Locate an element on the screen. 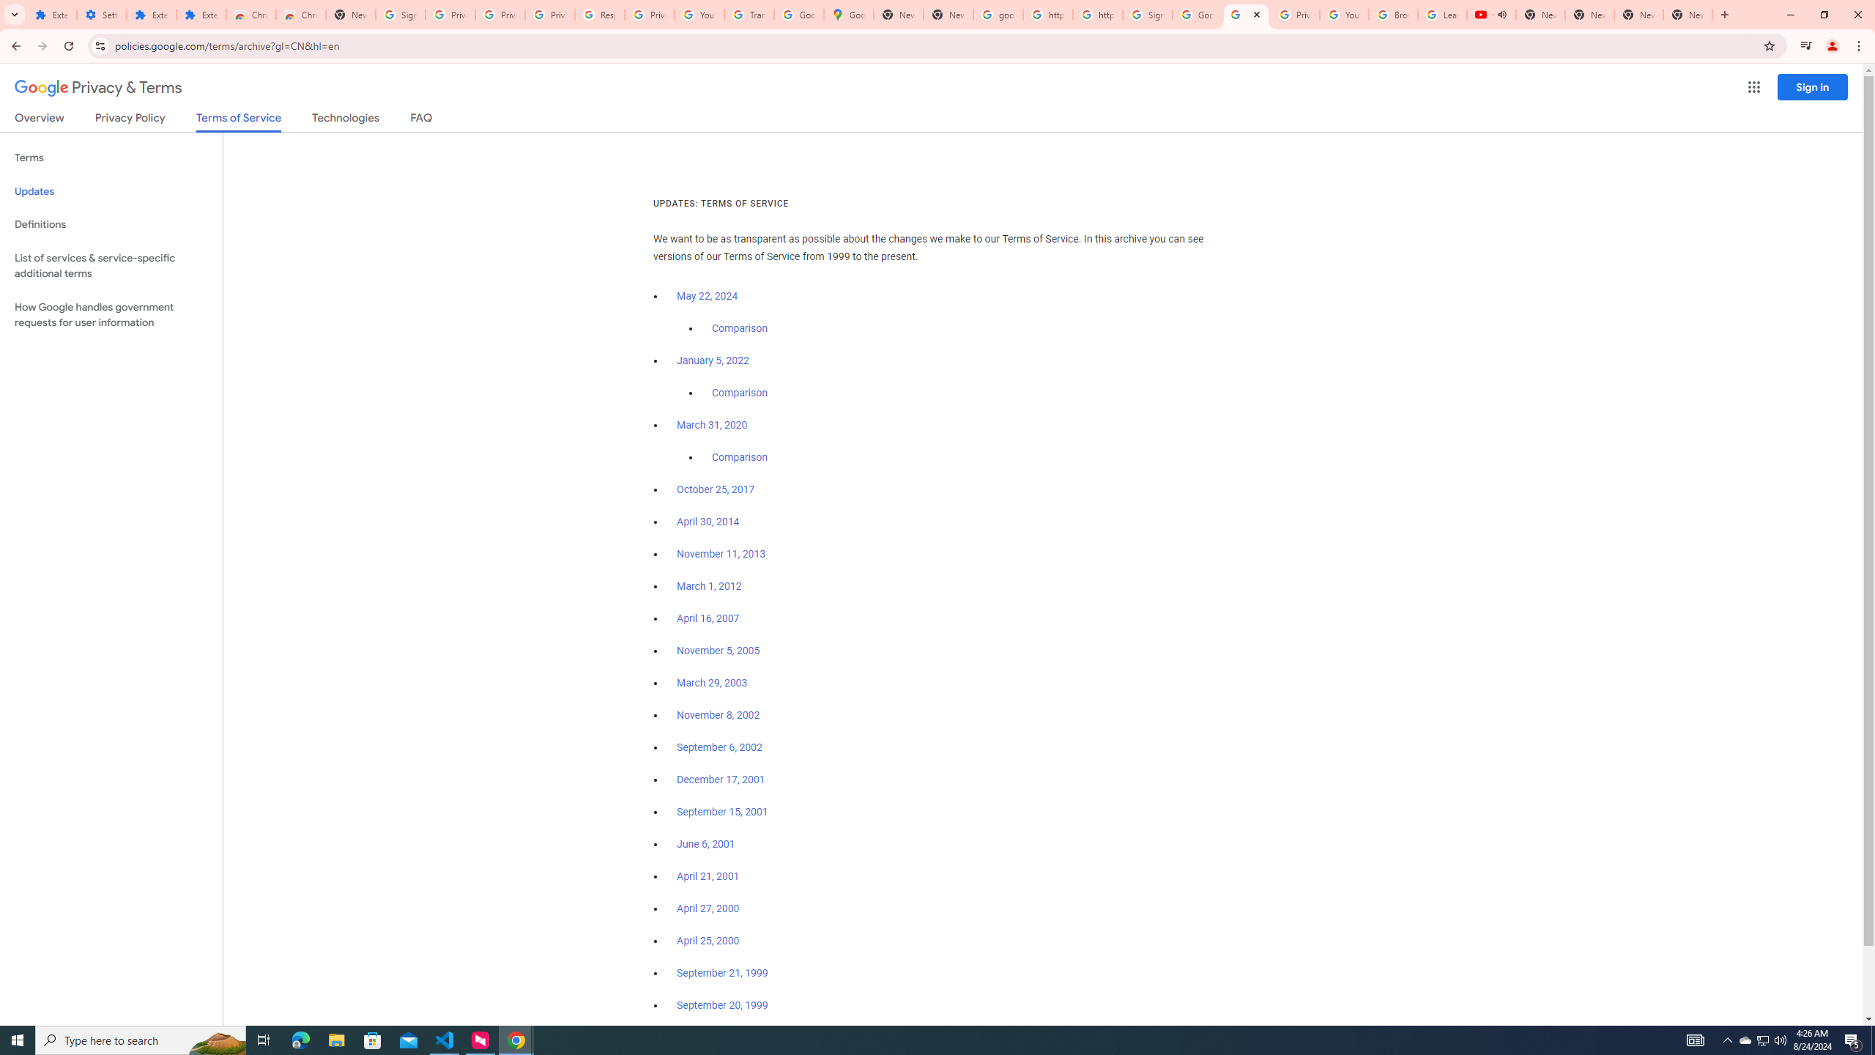  'Extensions' is located at coordinates (51, 14).